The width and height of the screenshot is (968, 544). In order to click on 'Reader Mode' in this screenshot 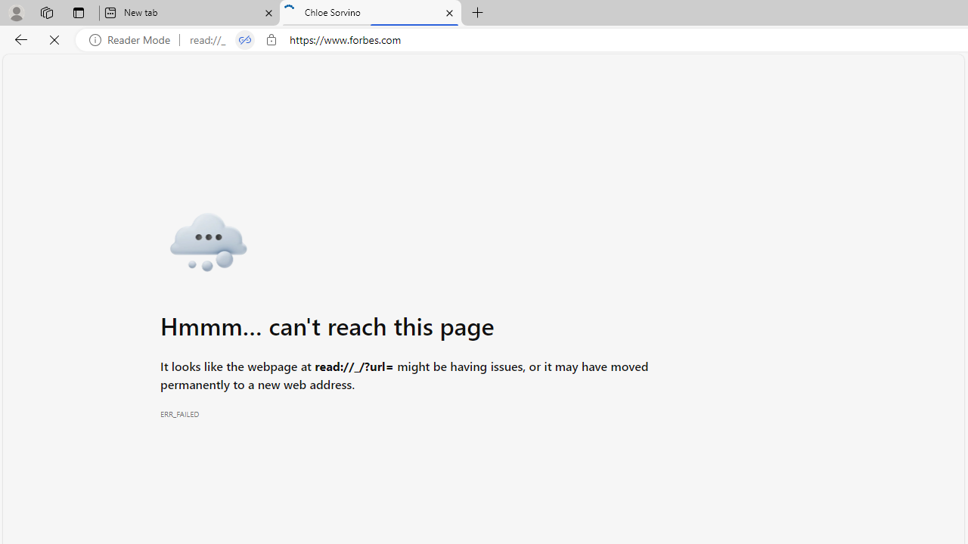, I will do `click(134, 39)`.